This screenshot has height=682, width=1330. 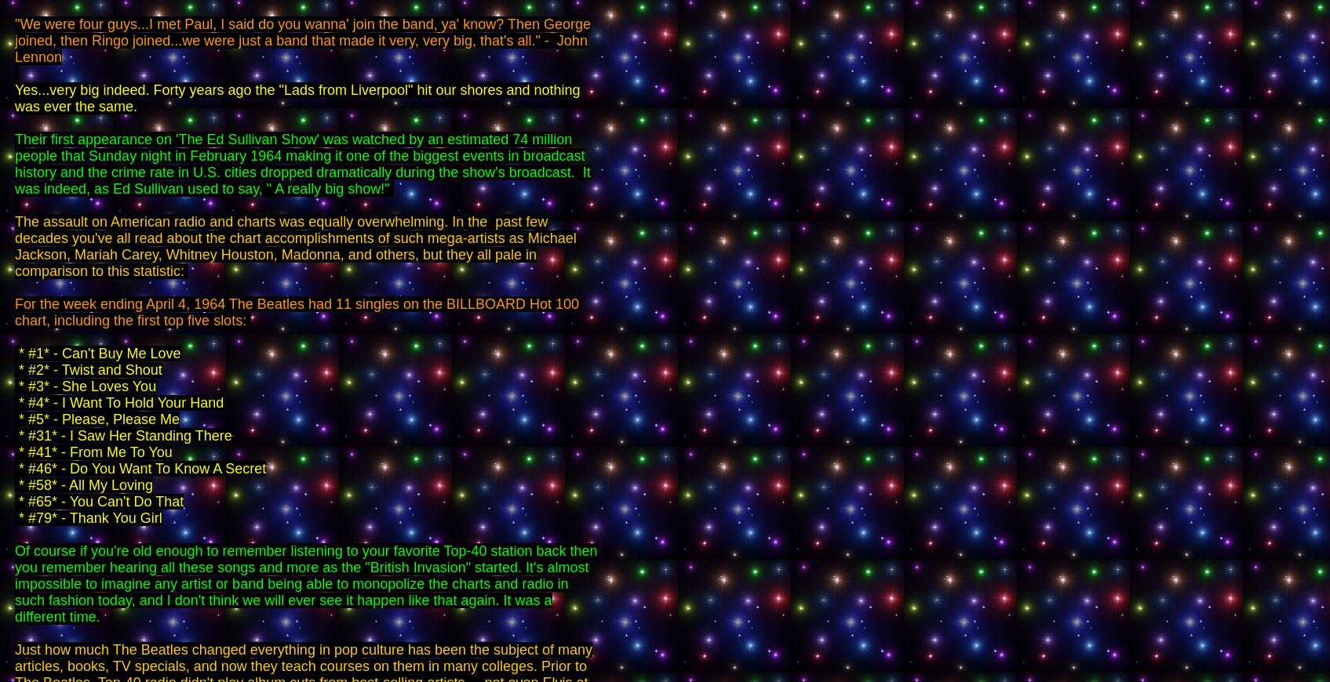 What do you see at coordinates (297, 97) in the screenshot?
I see `'Yes...very big indeed. Forty years ago the "Lads from Liverpool" hit
                           our shores and nothing was ever the same.'` at bounding box center [297, 97].